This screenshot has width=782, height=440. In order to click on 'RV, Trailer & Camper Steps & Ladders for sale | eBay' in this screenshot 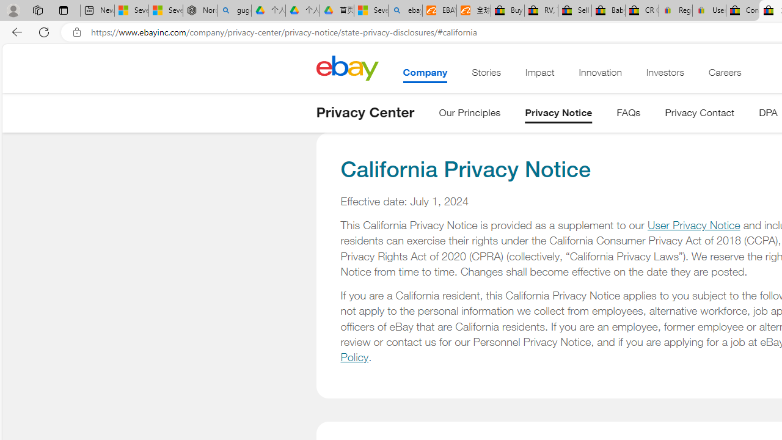, I will do `click(540, 10)`.